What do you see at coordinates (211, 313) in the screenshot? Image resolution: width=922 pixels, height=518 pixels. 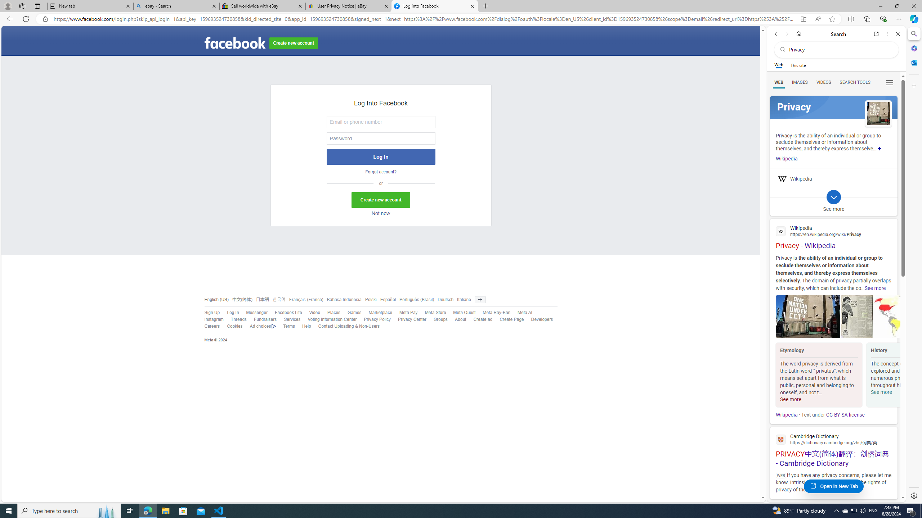 I see `'Sign Up'` at bounding box center [211, 313].